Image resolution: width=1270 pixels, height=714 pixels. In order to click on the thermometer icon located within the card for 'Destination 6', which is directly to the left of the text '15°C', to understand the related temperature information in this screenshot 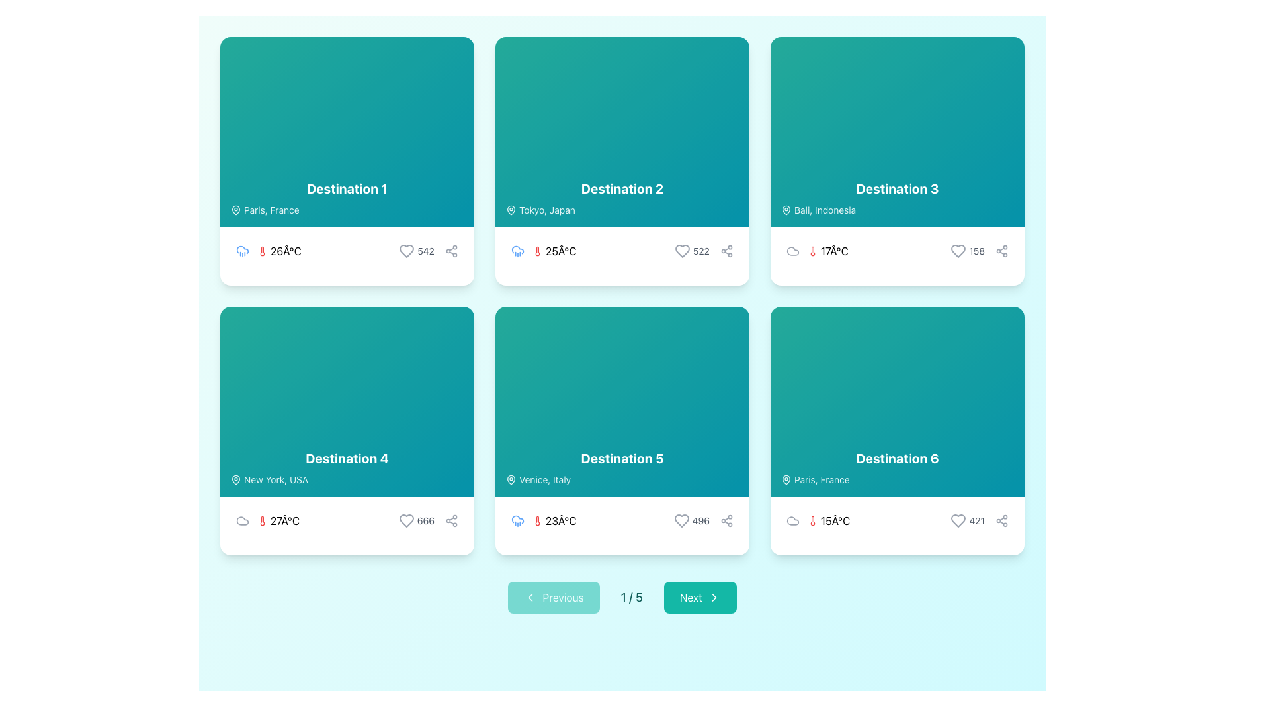, I will do `click(812, 520)`.